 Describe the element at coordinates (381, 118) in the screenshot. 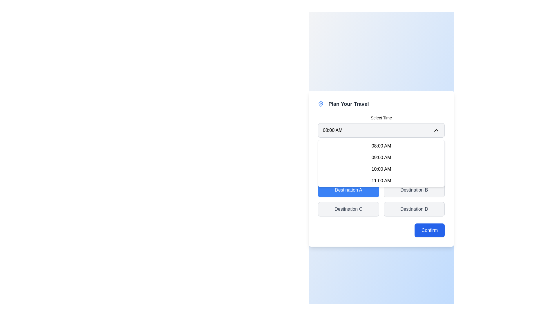

I see `the static text label that describes the purpose of the adjacent dropdown menu, which is centrally aligned above it` at that location.